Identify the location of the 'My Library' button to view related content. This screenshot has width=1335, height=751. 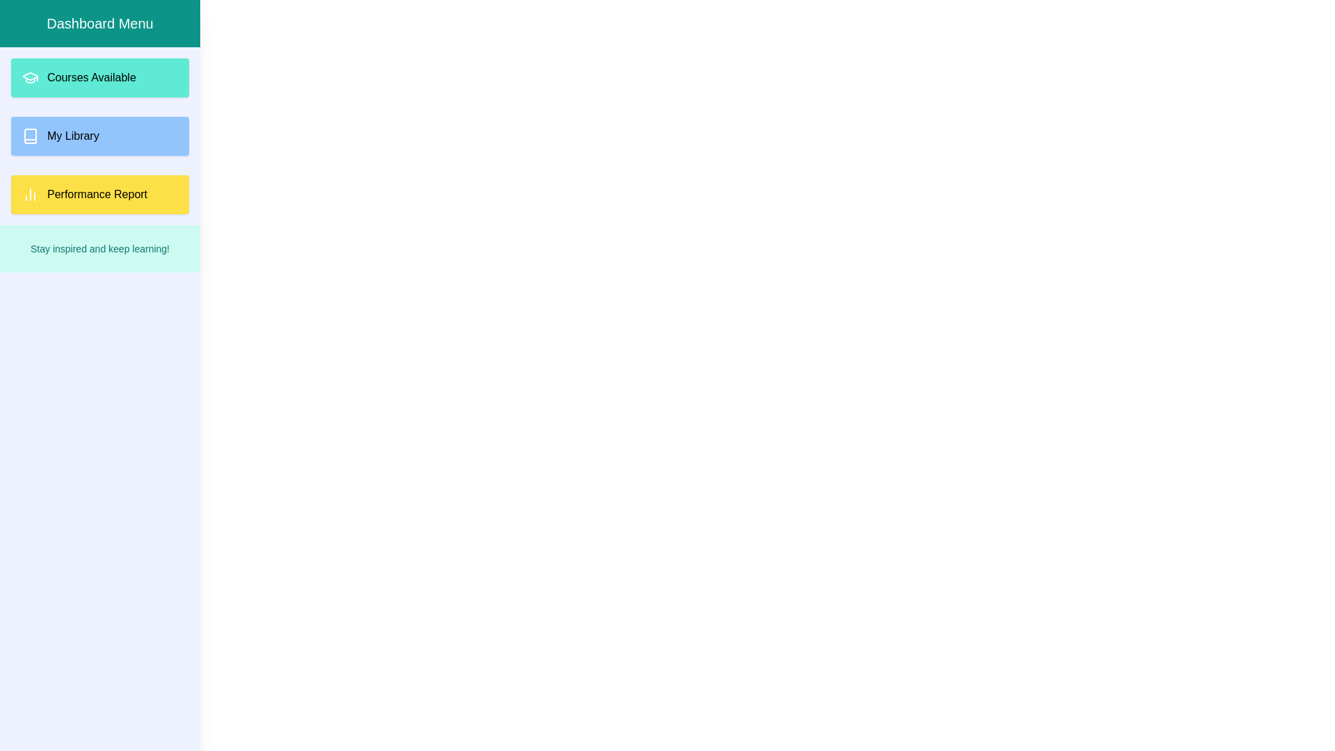
(99, 136).